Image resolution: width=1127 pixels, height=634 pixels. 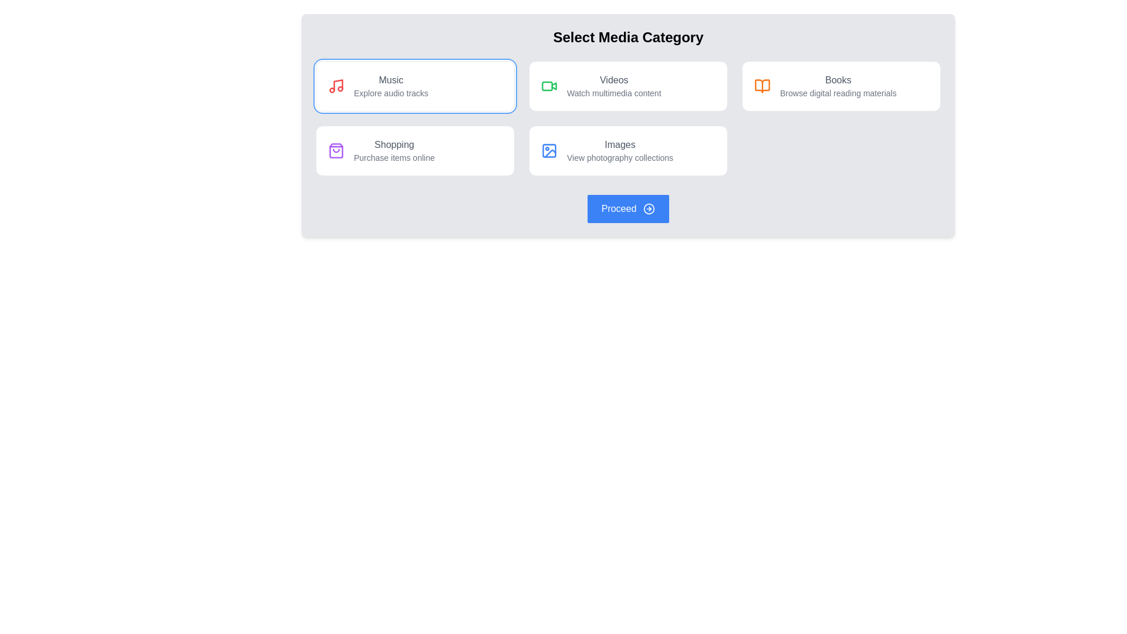 What do you see at coordinates (762, 85) in the screenshot?
I see `the 'Books' category icon` at bounding box center [762, 85].